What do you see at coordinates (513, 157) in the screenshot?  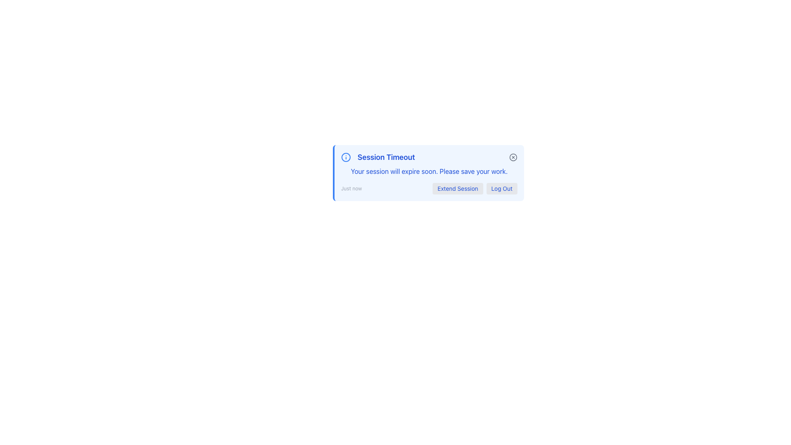 I see `the close button located in the top-right corner of the notification box titled 'Session Timeout'` at bounding box center [513, 157].